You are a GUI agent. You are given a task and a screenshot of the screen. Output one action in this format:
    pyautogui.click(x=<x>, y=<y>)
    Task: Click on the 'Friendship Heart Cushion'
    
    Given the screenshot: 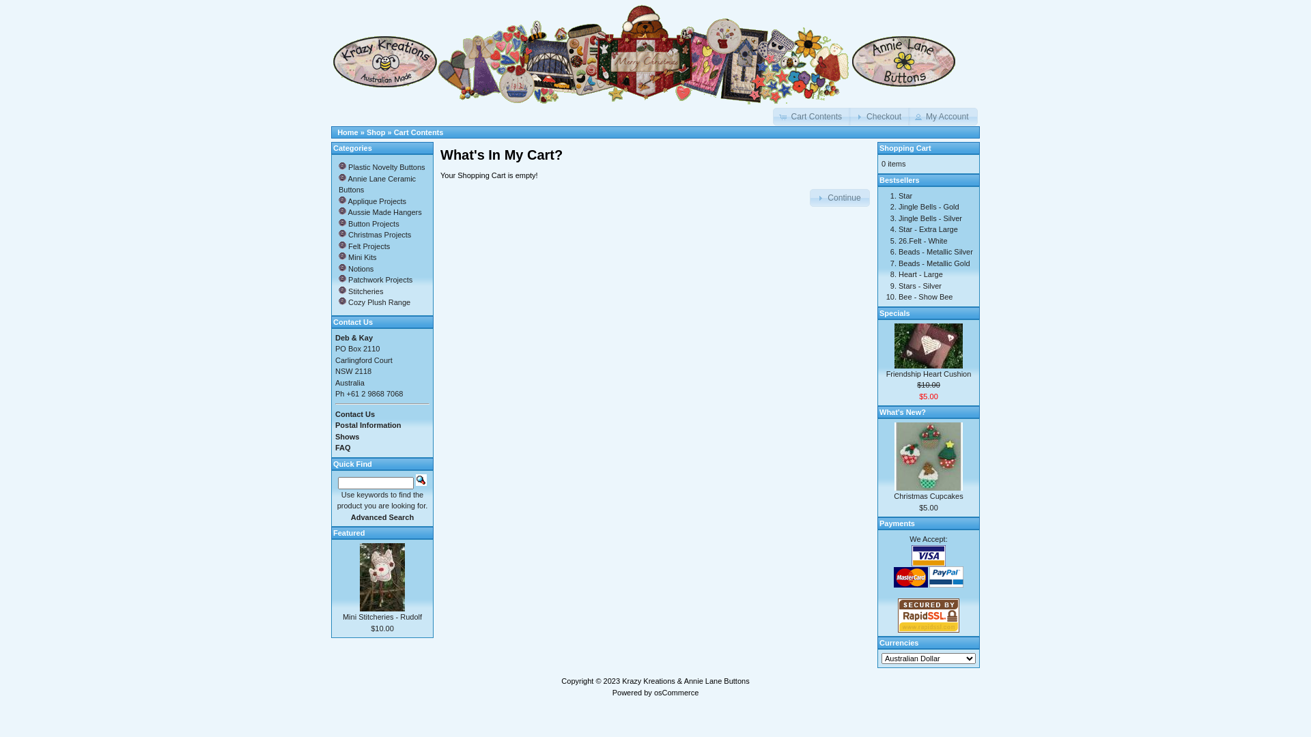 What is the action you would take?
    pyautogui.click(x=928, y=345)
    